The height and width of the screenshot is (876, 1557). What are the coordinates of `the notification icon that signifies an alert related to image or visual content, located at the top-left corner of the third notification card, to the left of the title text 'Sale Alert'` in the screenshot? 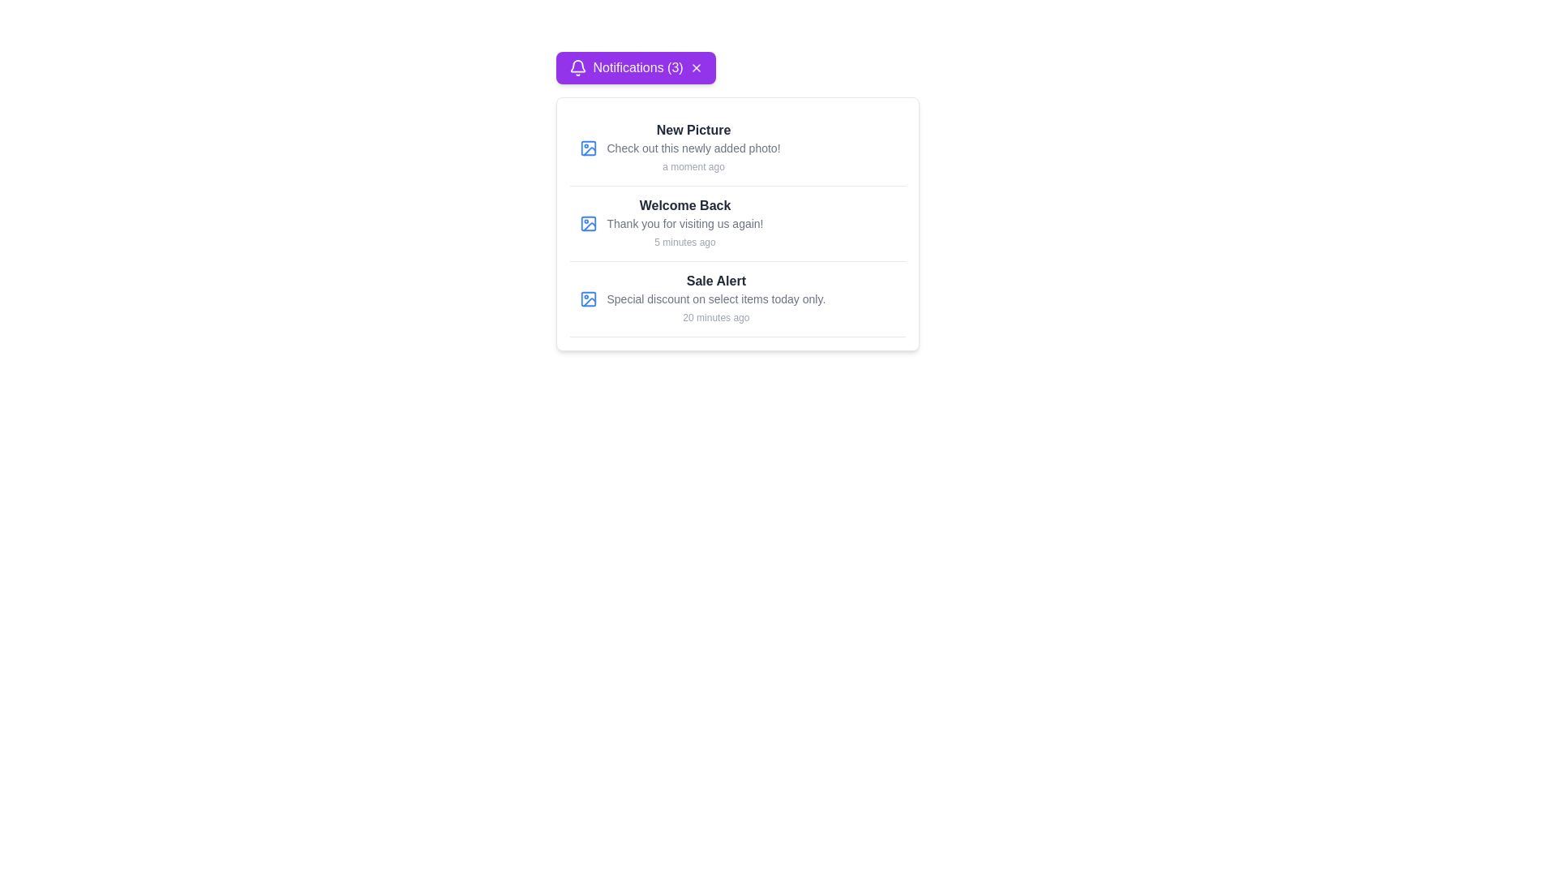 It's located at (587, 299).